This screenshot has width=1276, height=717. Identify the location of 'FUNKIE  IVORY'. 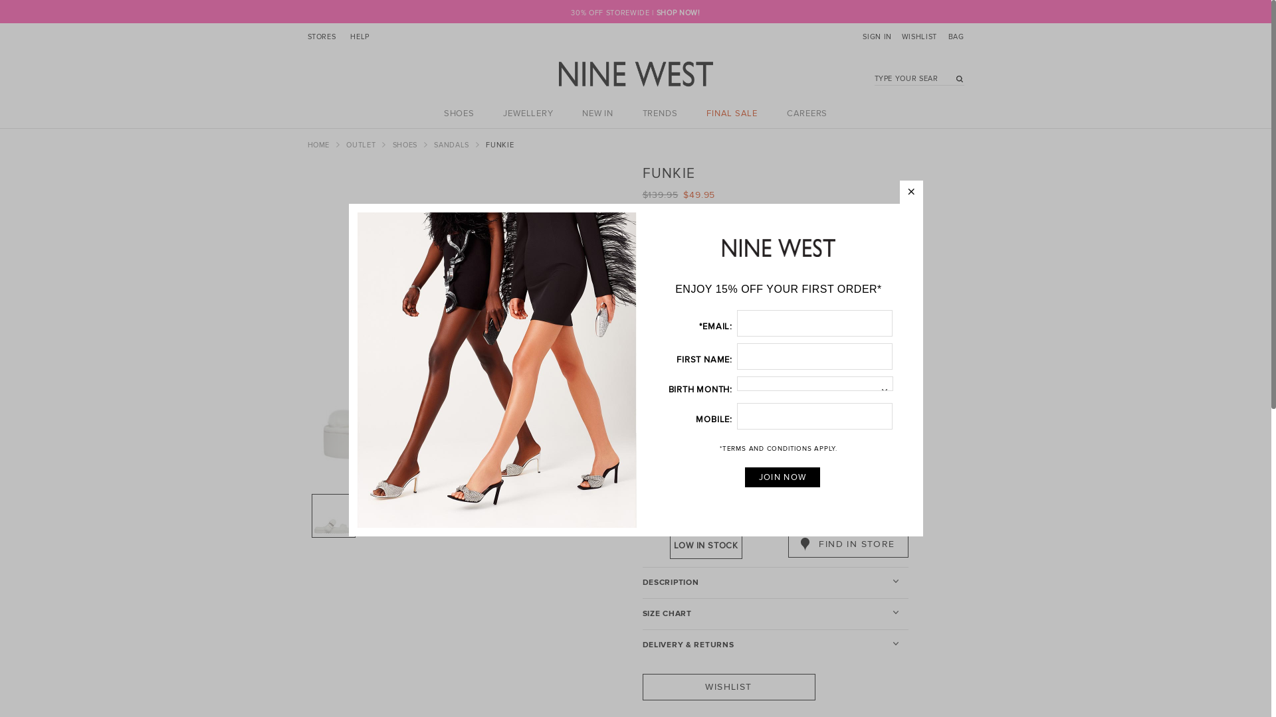
(437, 515).